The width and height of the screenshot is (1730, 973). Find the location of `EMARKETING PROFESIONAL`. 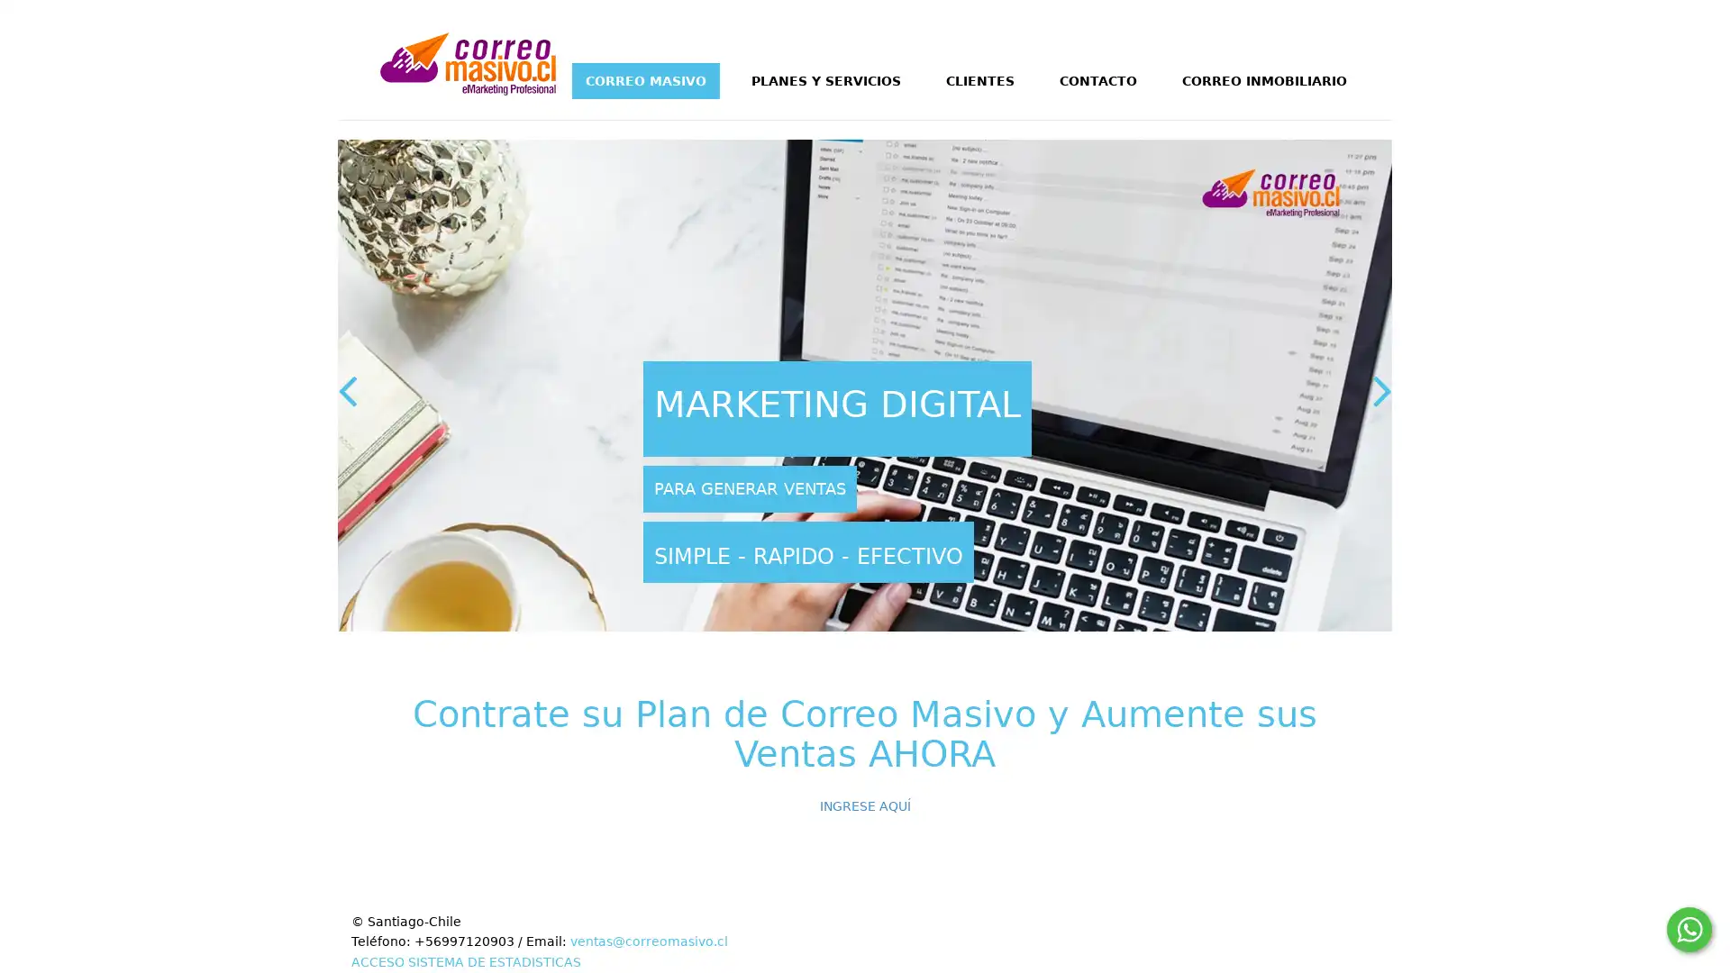

EMARKETING PROFESIONAL is located at coordinates (765, 488).